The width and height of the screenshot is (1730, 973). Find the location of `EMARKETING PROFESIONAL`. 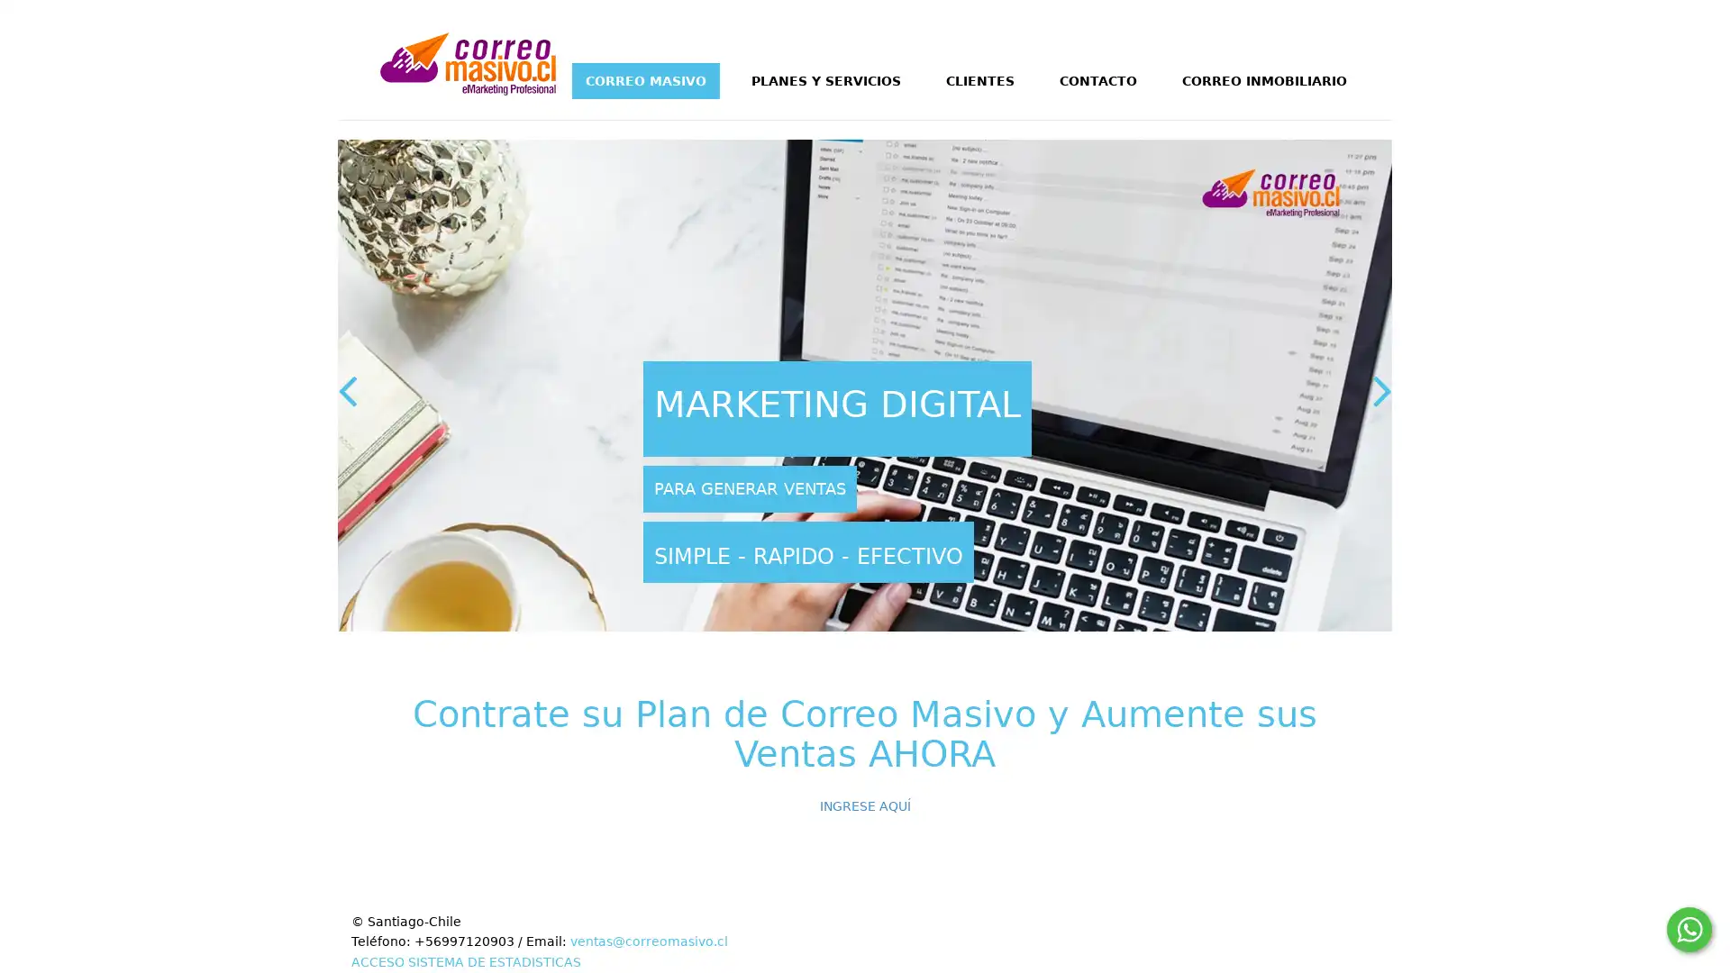

EMARKETING PROFESIONAL is located at coordinates (765, 488).